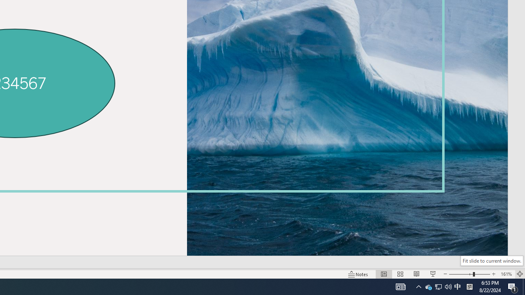  I want to click on 'Zoom In', so click(493, 274).